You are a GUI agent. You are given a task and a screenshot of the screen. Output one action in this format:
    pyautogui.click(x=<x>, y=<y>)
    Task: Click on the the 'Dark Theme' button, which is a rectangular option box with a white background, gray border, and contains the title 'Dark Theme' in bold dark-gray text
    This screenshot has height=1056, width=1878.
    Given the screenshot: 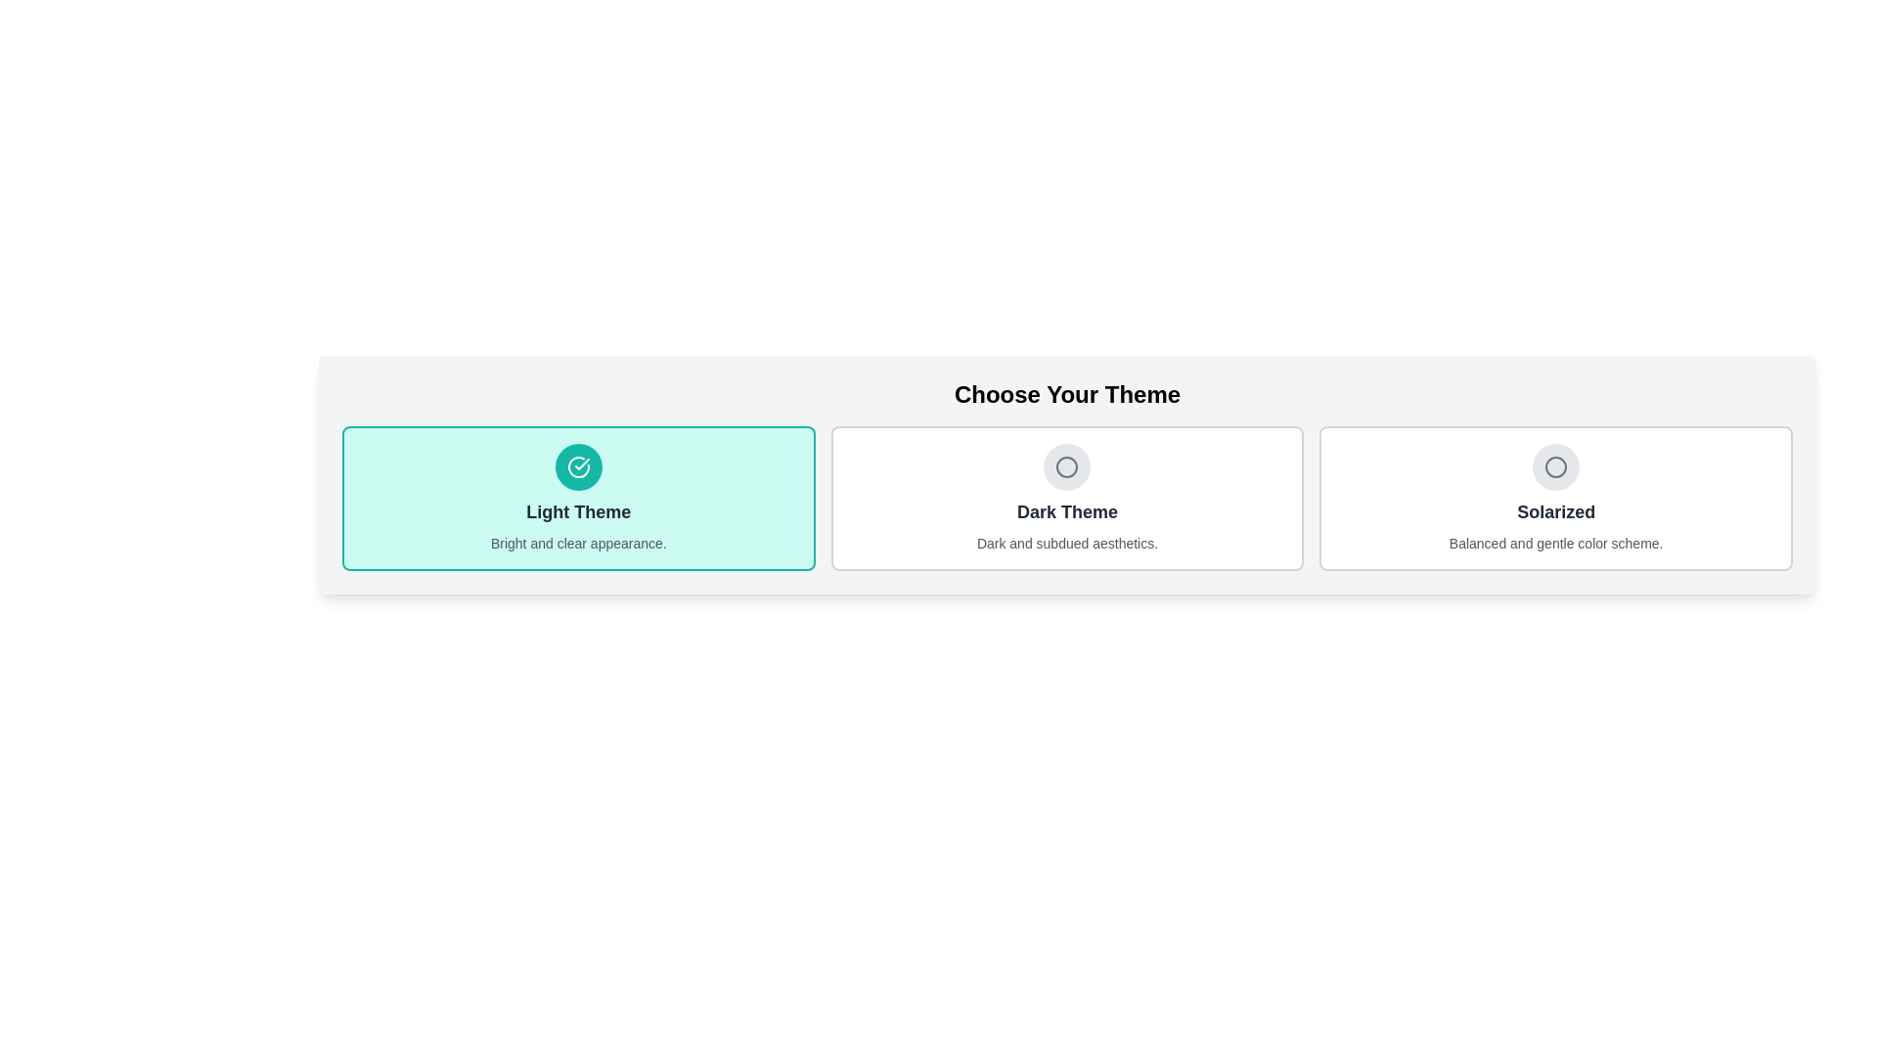 What is the action you would take?
    pyautogui.click(x=1066, y=497)
    